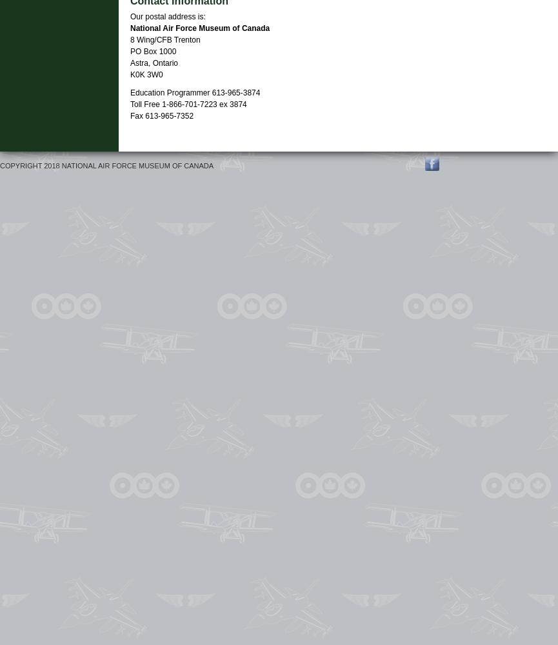 This screenshot has height=645, width=558. I want to click on 'National Air Force Museum of Canada', so click(200, 28).